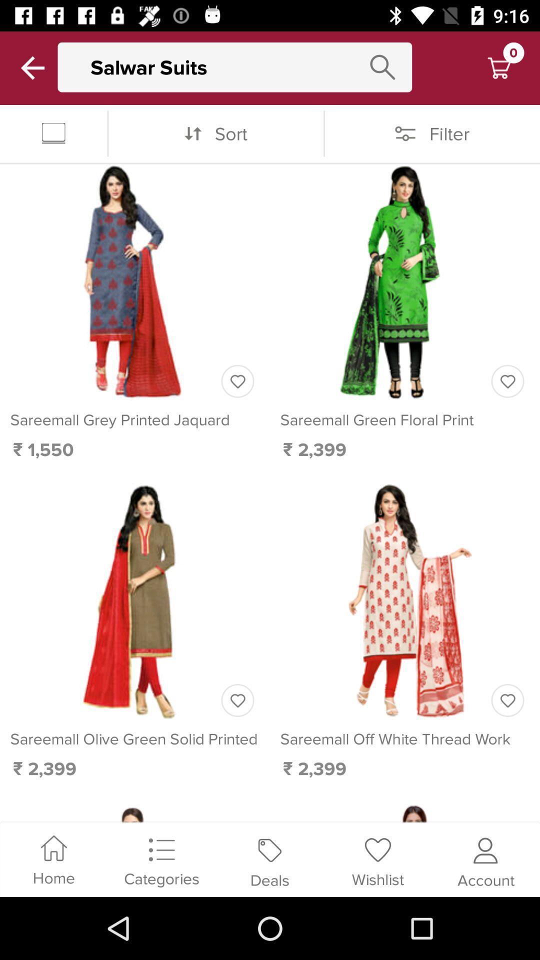 Image resolution: width=540 pixels, height=960 pixels. Describe the element at coordinates (237, 700) in the screenshot. I see `love this item` at that location.